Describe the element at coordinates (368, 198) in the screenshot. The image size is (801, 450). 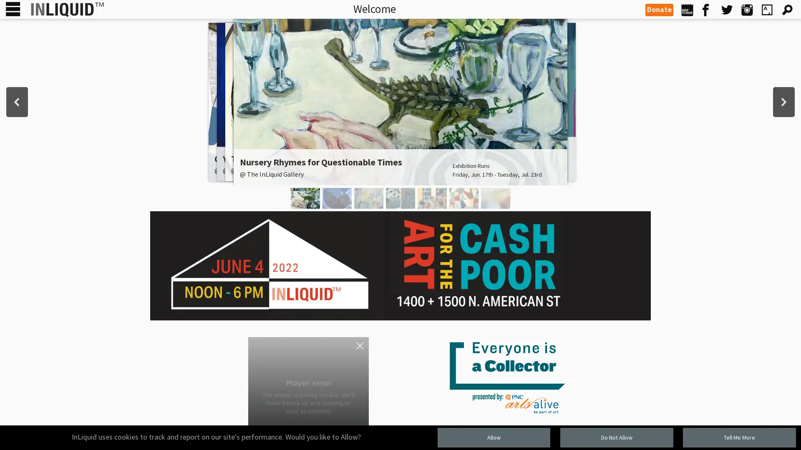
I see `idyll` at that location.